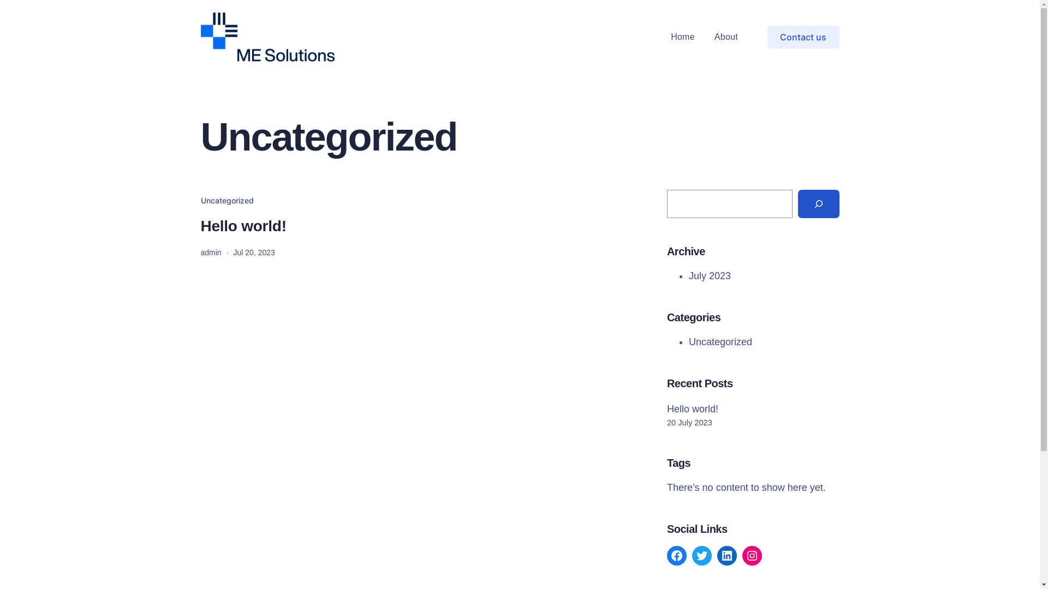 This screenshot has height=589, width=1048. What do you see at coordinates (710, 275) in the screenshot?
I see `'July 2023'` at bounding box center [710, 275].